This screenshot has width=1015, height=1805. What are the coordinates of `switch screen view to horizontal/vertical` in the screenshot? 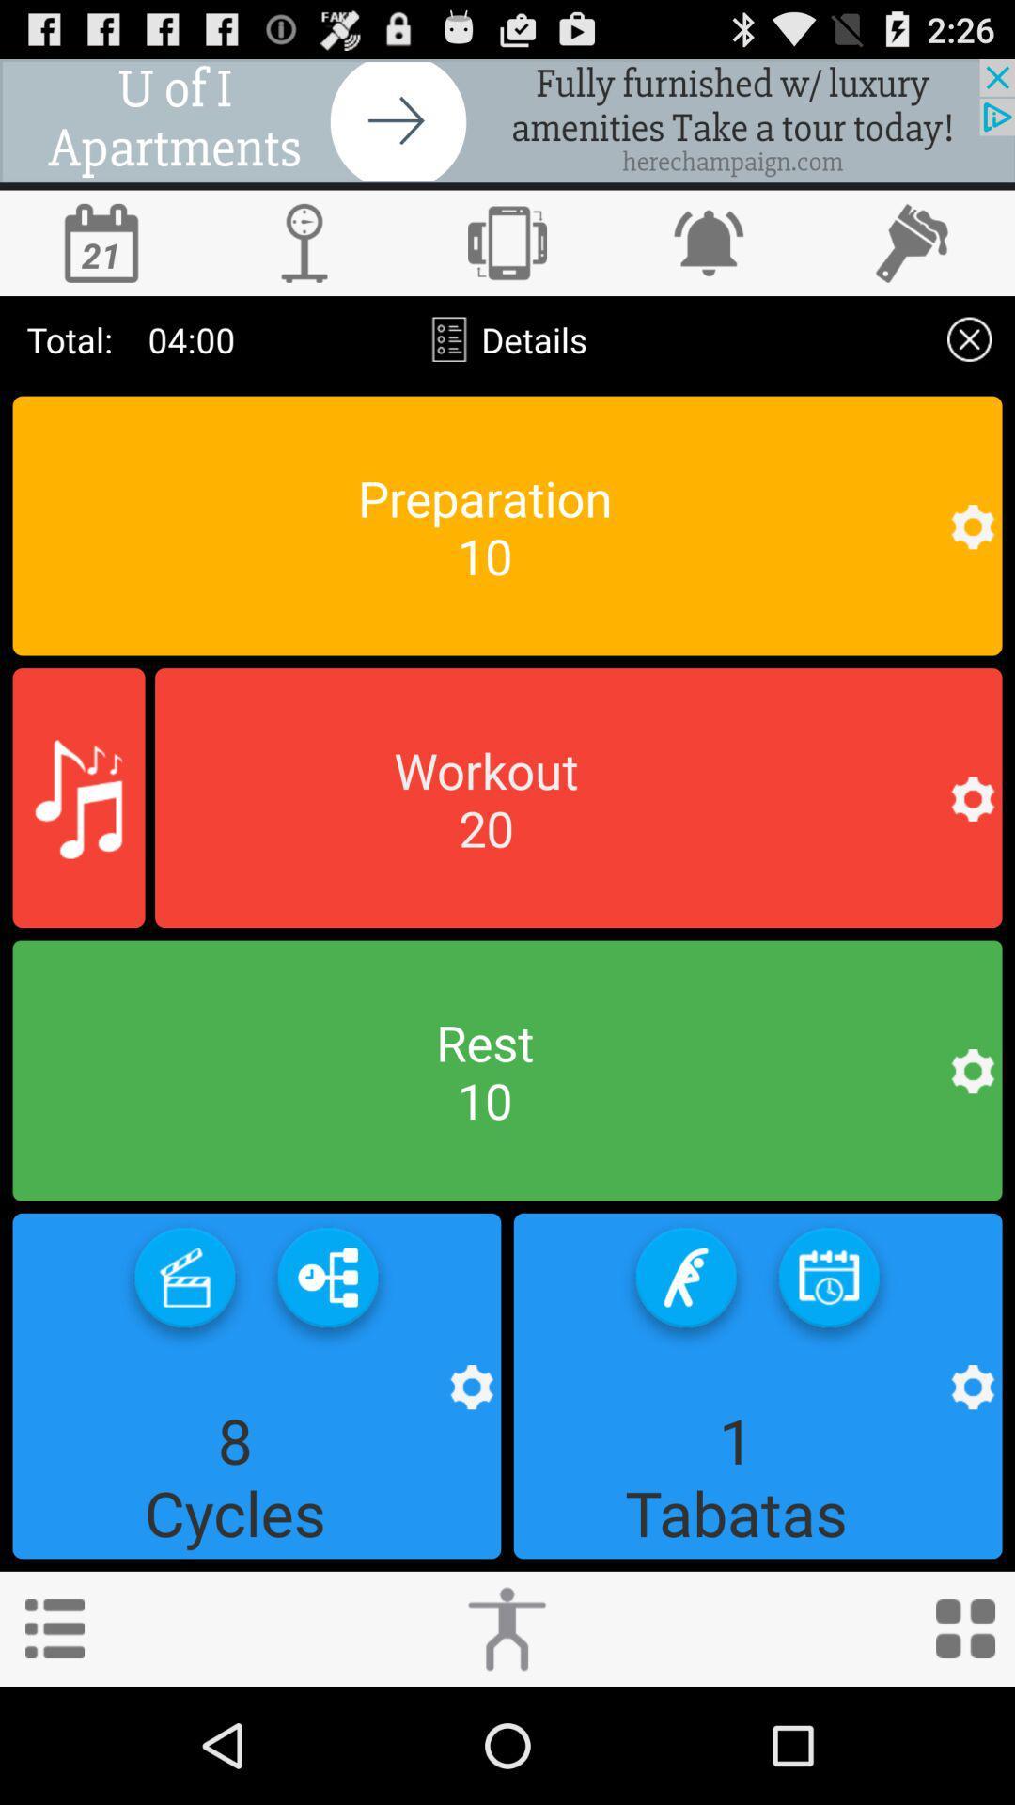 It's located at (507, 242).